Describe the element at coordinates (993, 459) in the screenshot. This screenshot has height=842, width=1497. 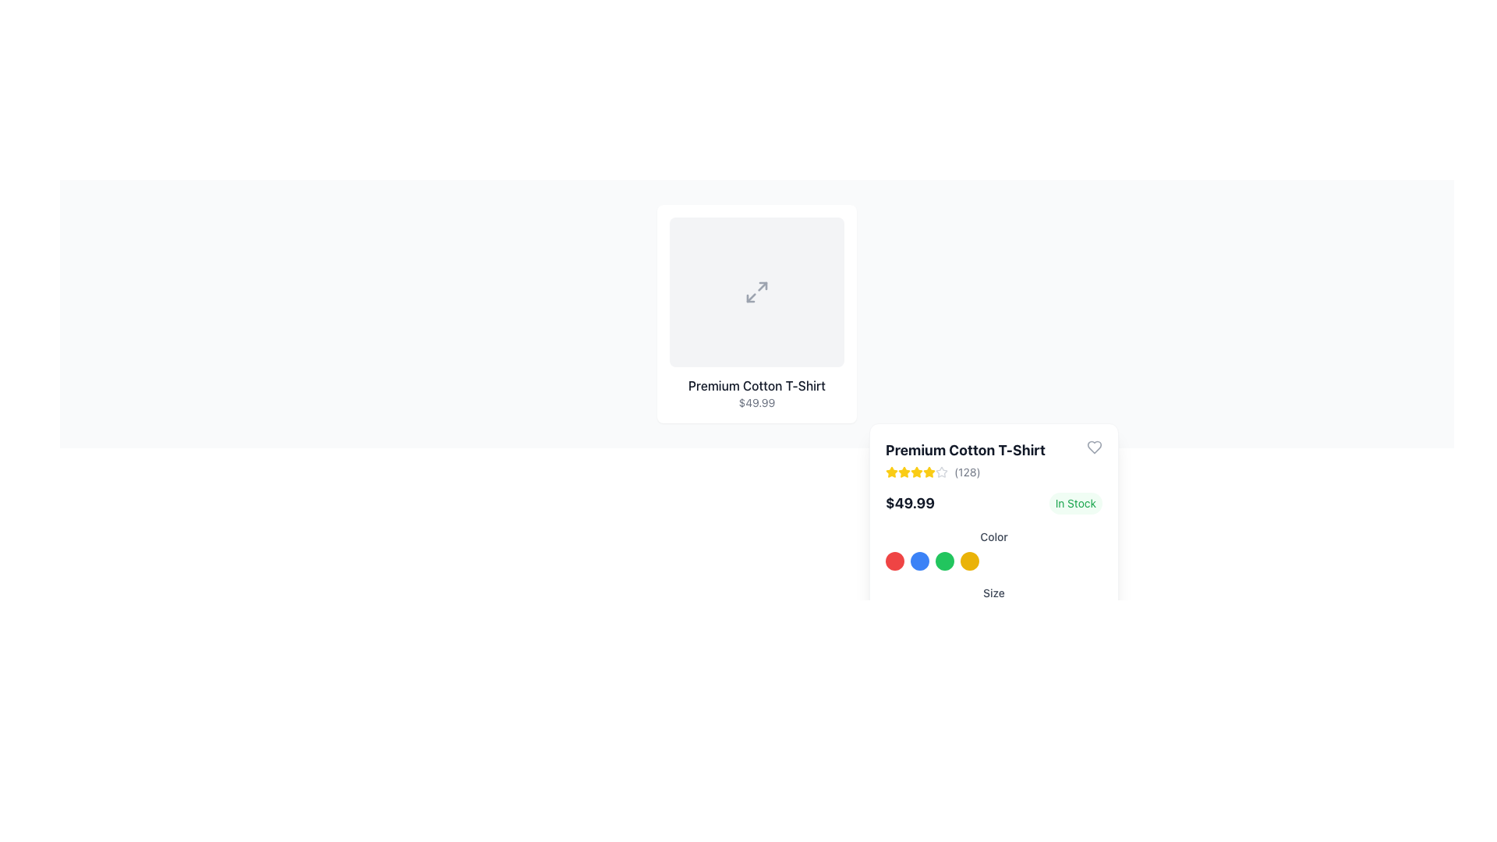
I see `product name displayed in the Product header section, which includes the rating and wishlist icon, located at the top of the expanded product detail overlay` at that location.